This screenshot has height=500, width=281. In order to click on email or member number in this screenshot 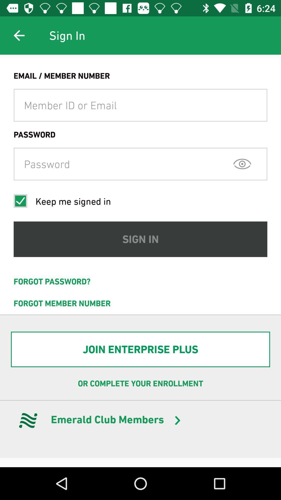, I will do `click(140, 105)`.